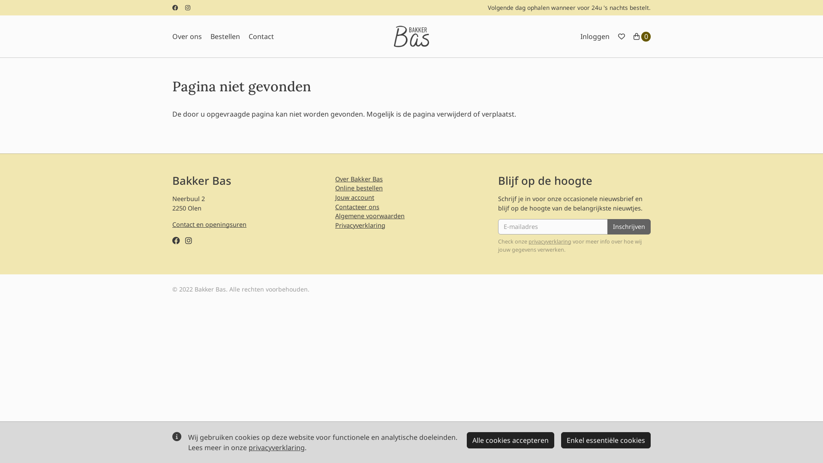 This screenshot has width=823, height=463. I want to click on 'Bakker Bas op Instagram', so click(188, 240).